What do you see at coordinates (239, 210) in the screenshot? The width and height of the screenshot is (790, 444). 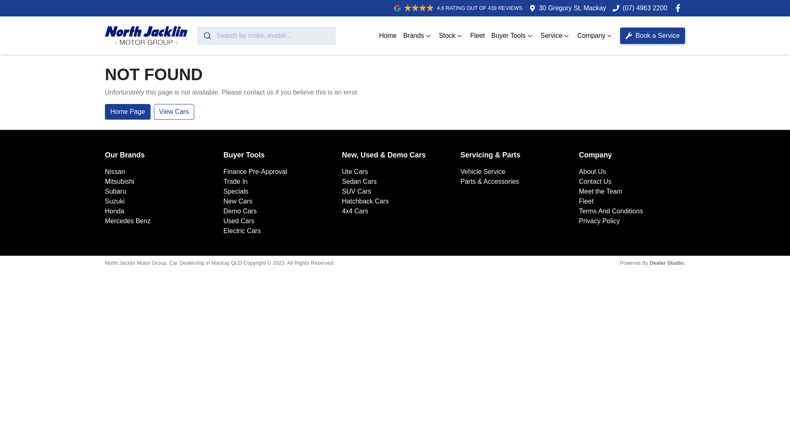 I see `'Demo Cars'` at bounding box center [239, 210].